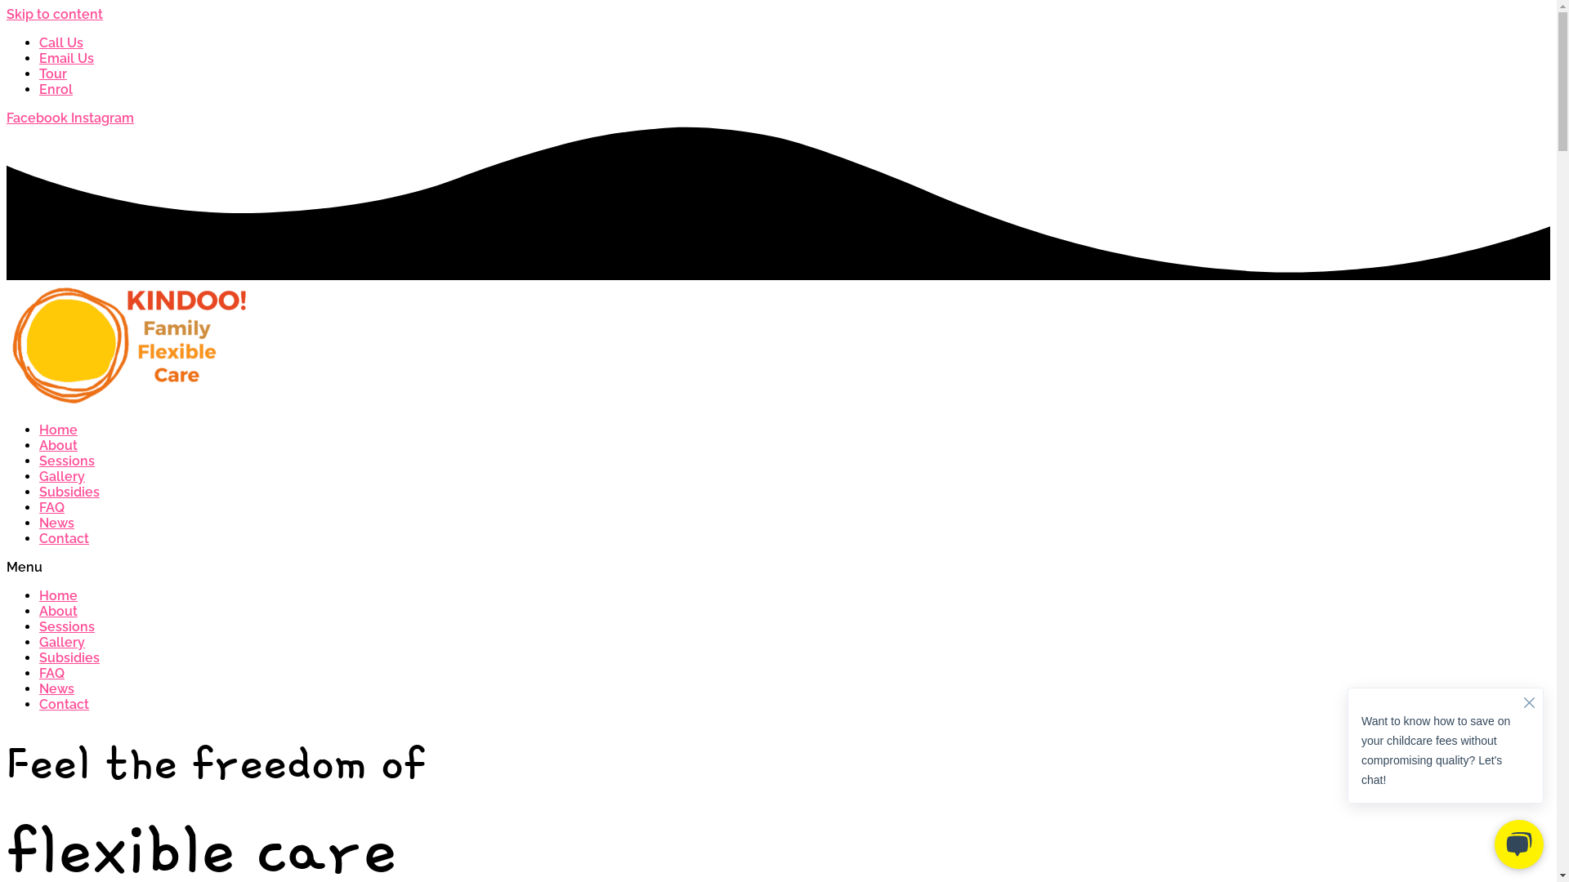 The image size is (1569, 882). What do you see at coordinates (51, 673) in the screenshot?
I see `'FAQ'` at bounding box center [51, 673].